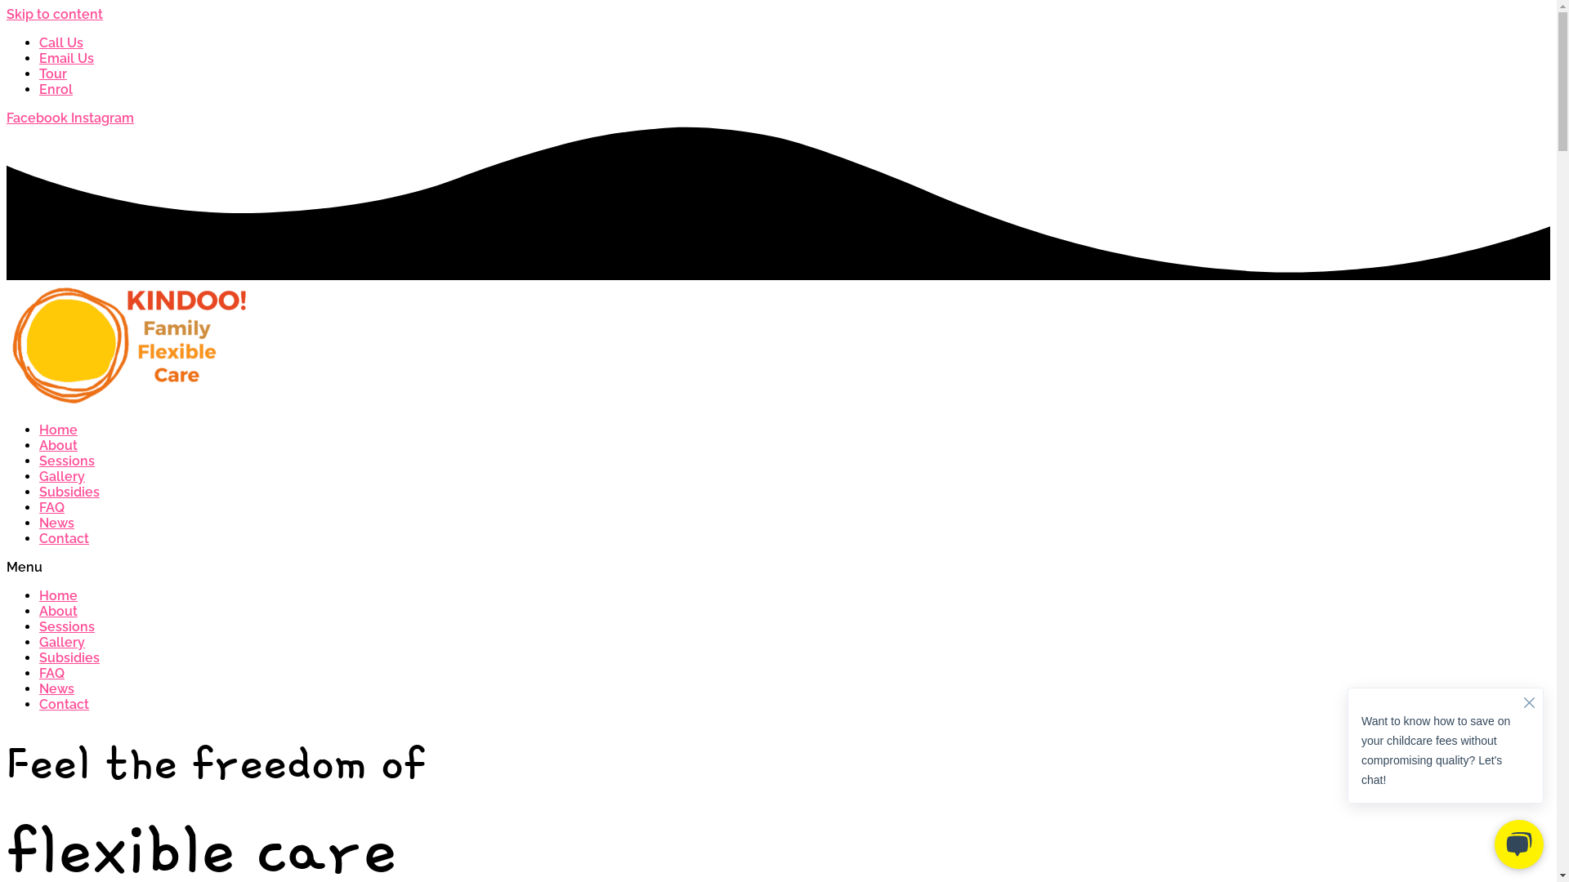 The image size is (1569, 882). What do you see at coordinates (51, 673) in the screenshot?
I see `'FAQ'` at bounding box center [51, 673].